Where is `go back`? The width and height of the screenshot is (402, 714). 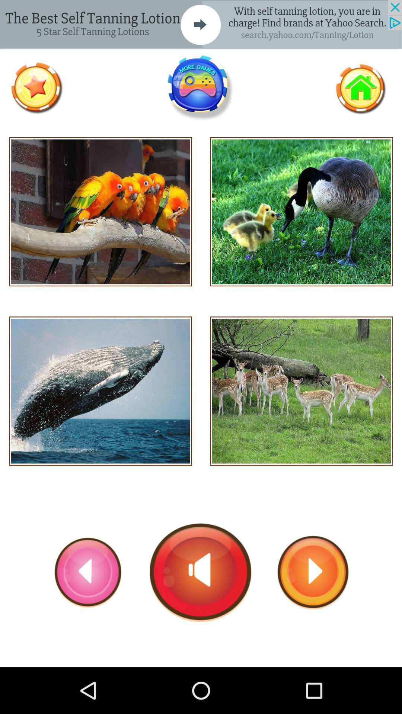
go back is located at coordinates (88, 572).